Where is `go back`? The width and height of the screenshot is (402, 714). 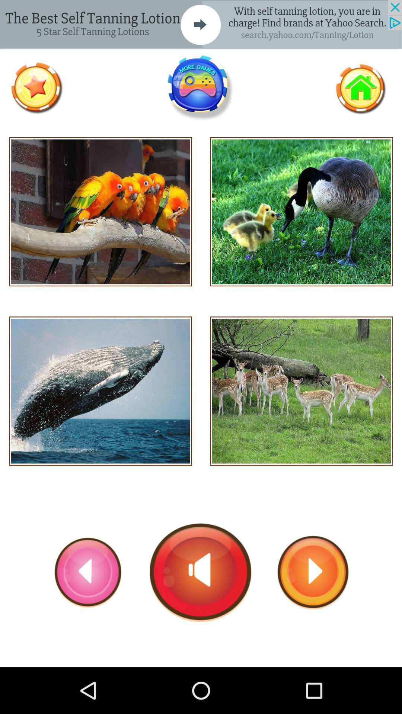
go back is located at coordinates (88, 572).